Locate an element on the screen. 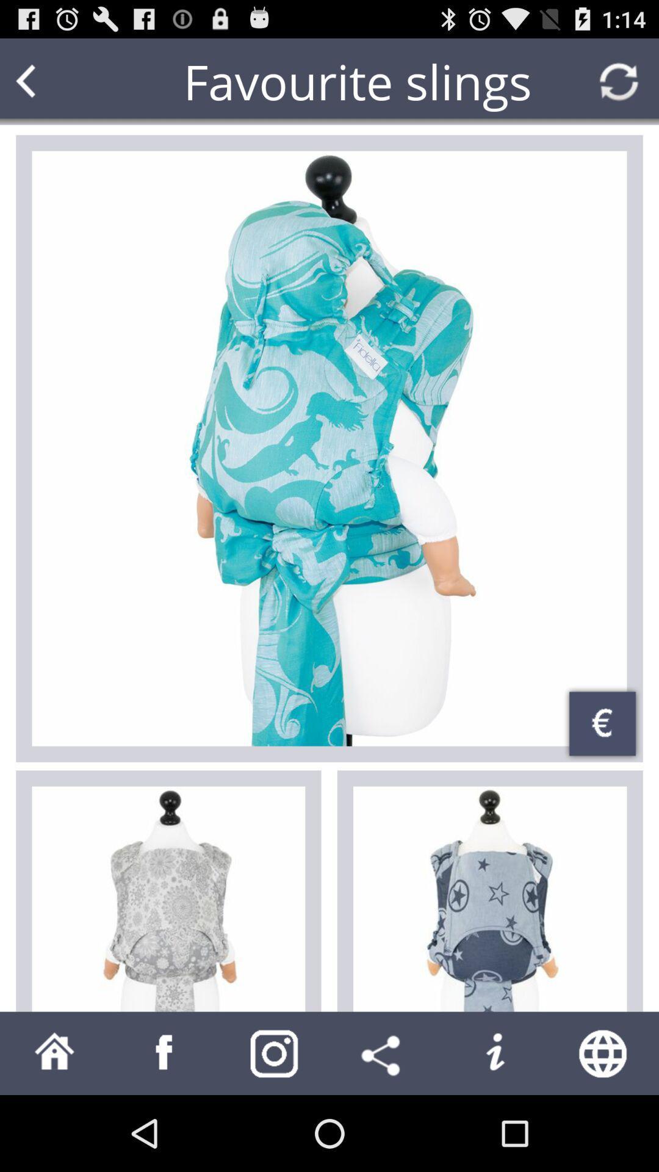 This screenshot has width=659, height=1172. refresh is located at coordinates (619, 81).